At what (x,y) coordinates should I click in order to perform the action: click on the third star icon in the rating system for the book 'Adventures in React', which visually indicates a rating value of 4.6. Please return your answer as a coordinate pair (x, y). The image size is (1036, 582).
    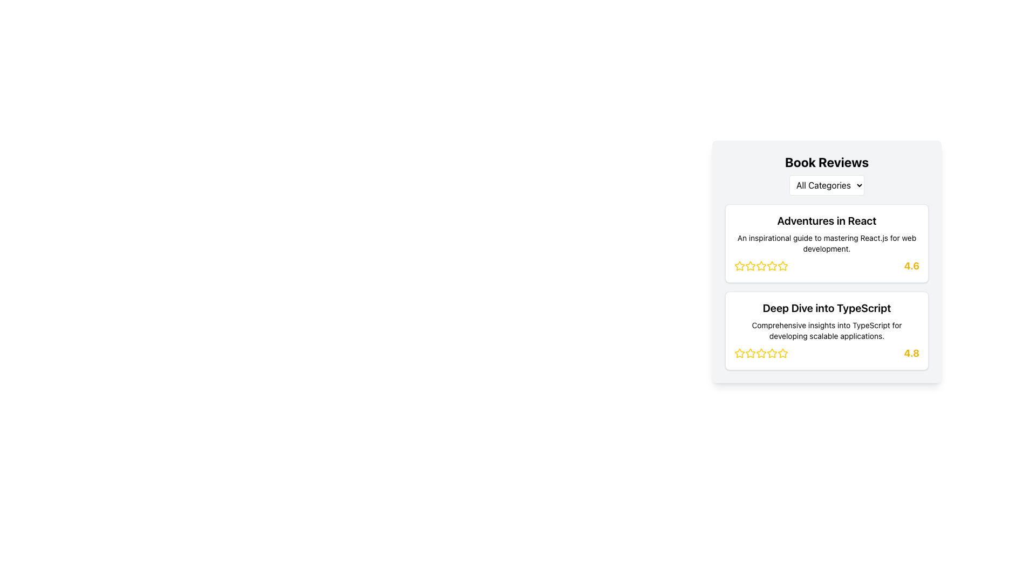
    Looking at the image, I should click on (761, 266).